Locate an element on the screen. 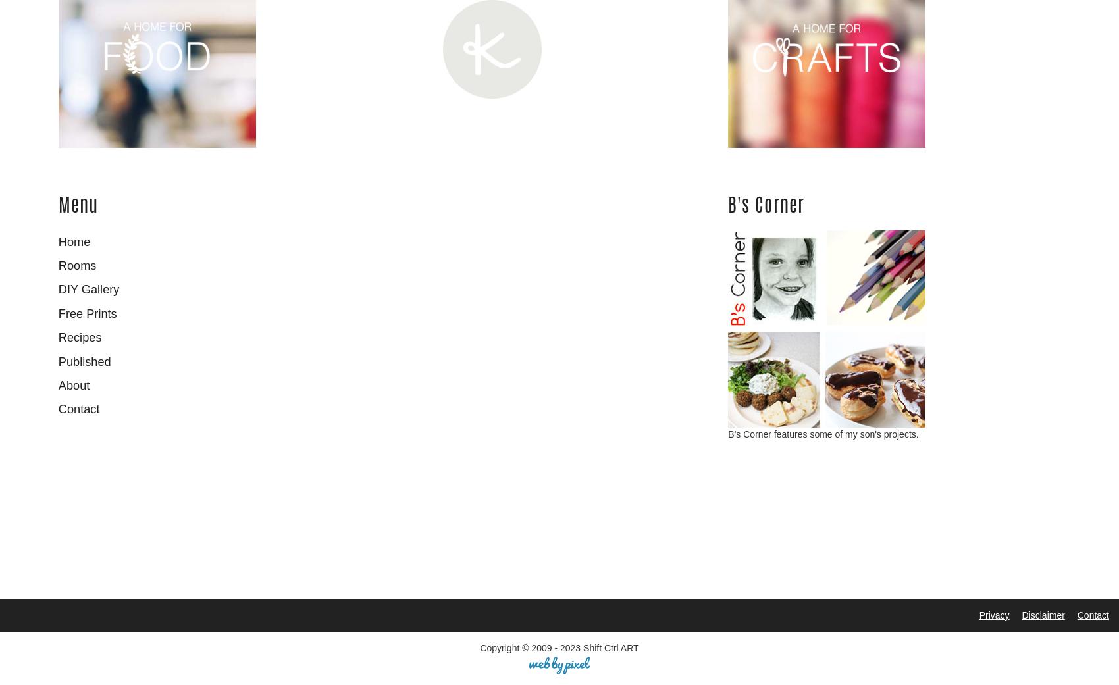  'B's Corner' is located at coordinates (728, 206).